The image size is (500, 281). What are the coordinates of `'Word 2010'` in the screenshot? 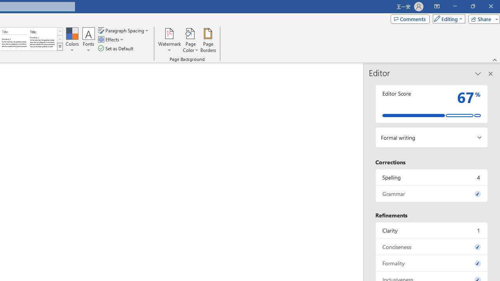 It's located at (14, 39).